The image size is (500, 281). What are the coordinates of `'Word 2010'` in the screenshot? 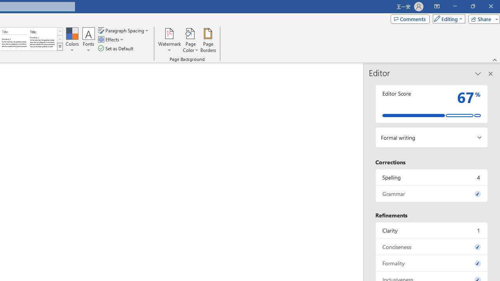 It's located at (14, 39).